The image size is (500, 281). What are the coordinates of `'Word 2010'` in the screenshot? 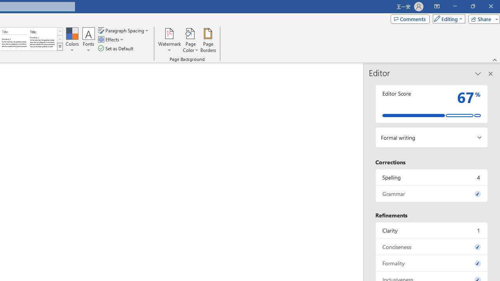 It's located at (14, 39).